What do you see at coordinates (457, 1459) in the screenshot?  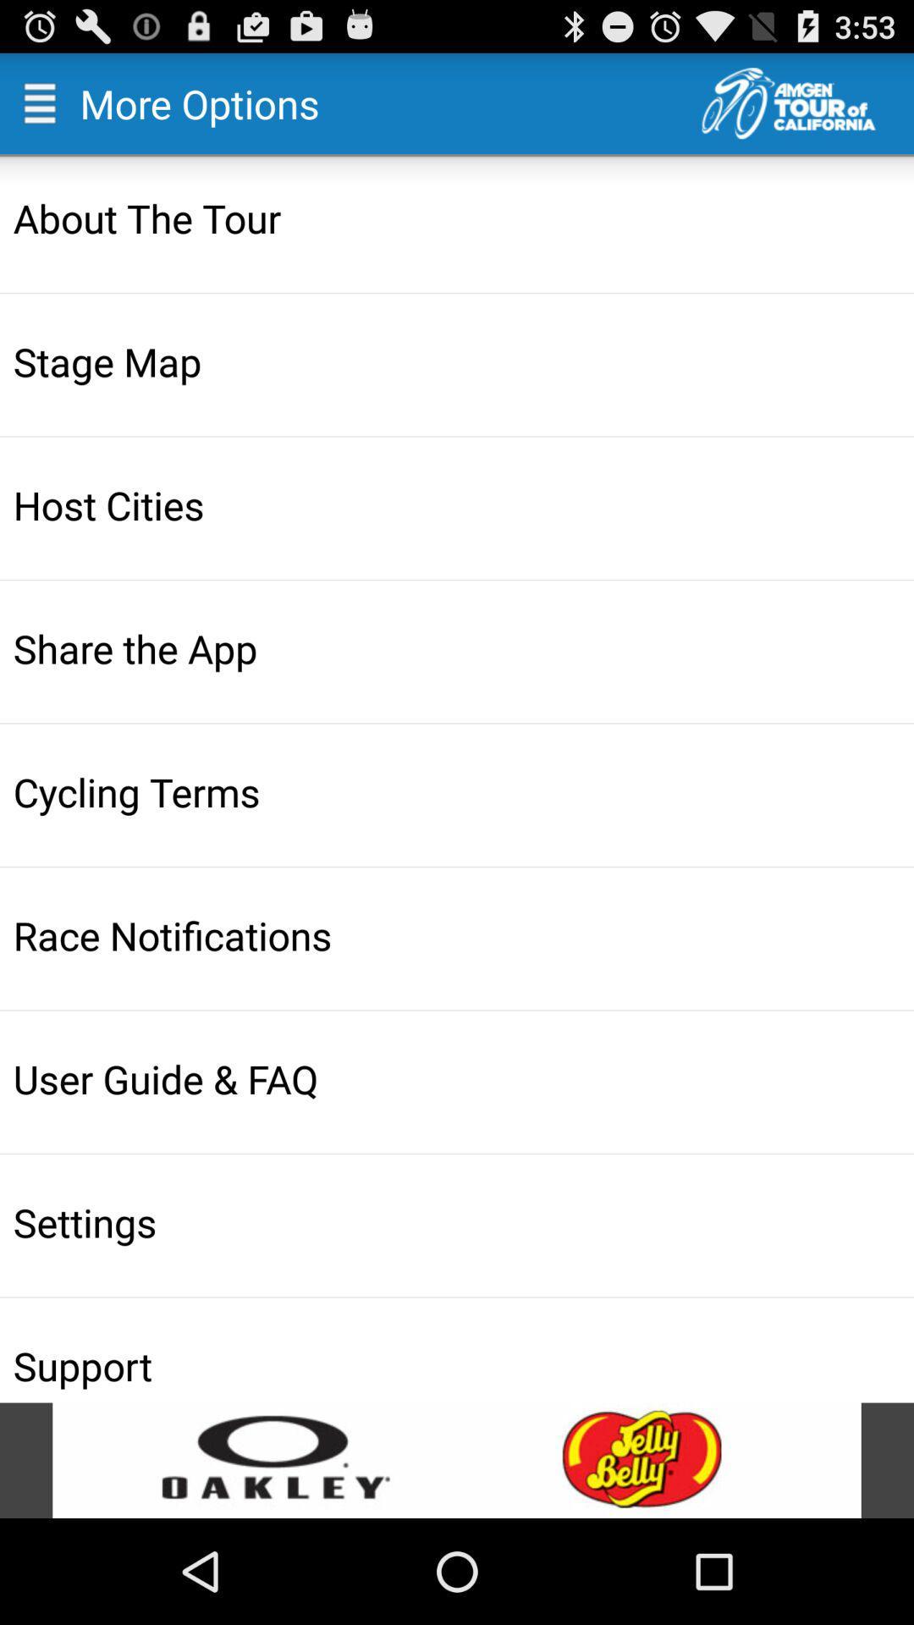 I see `amgen tour of california is supported by oakley and jelly belly` at bounding box center [457, 1459].